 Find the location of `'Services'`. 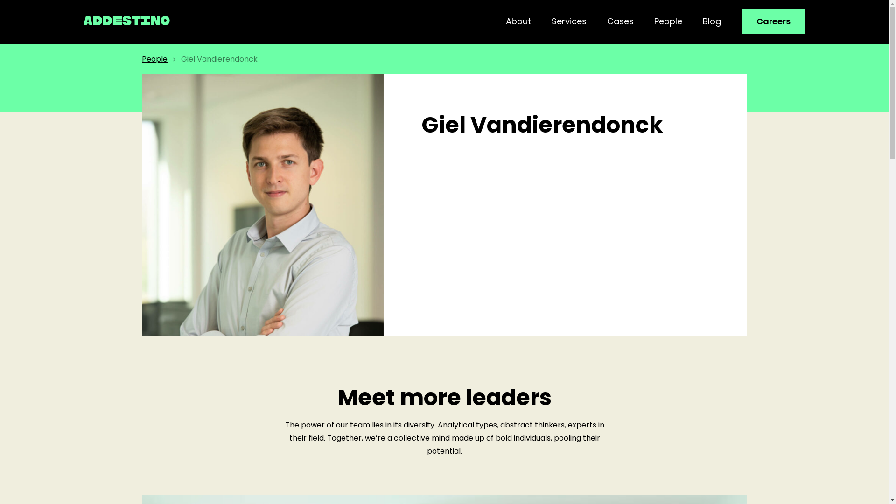

'Services' is located at coordinates (568, 21).